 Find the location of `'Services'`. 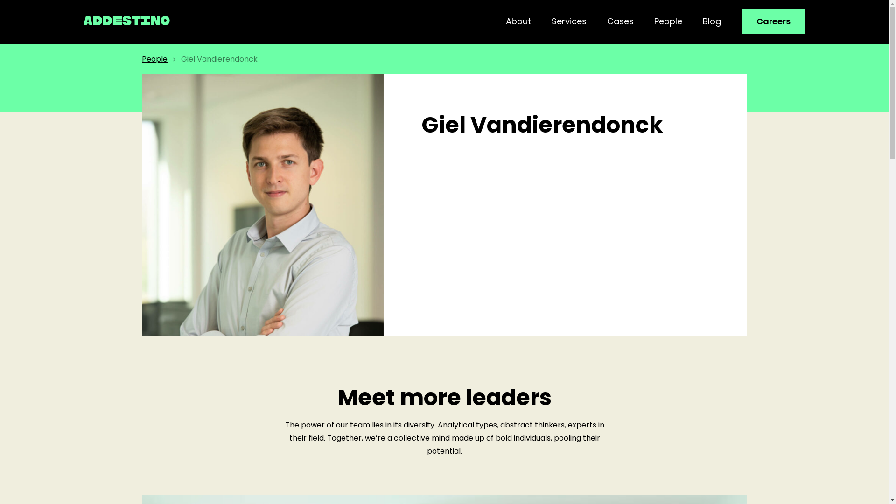

'Services' is located at coordinates (568, 21).